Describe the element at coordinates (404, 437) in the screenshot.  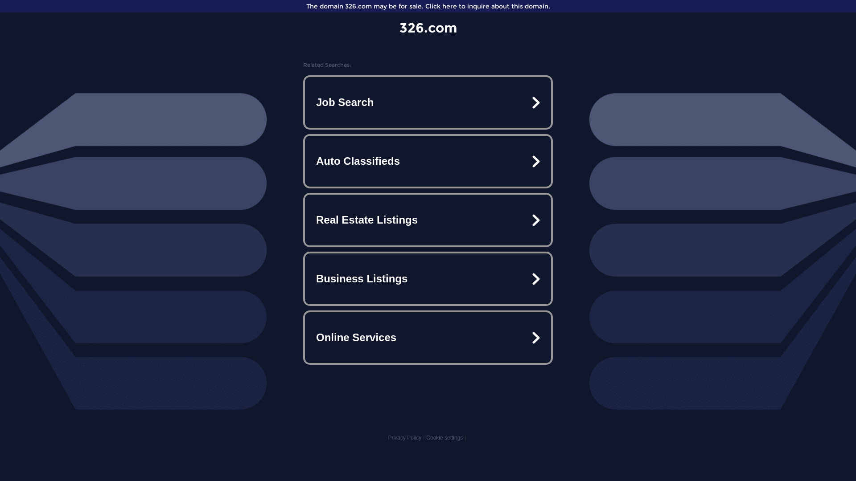
I see `'Privacy Policy'` at that location.